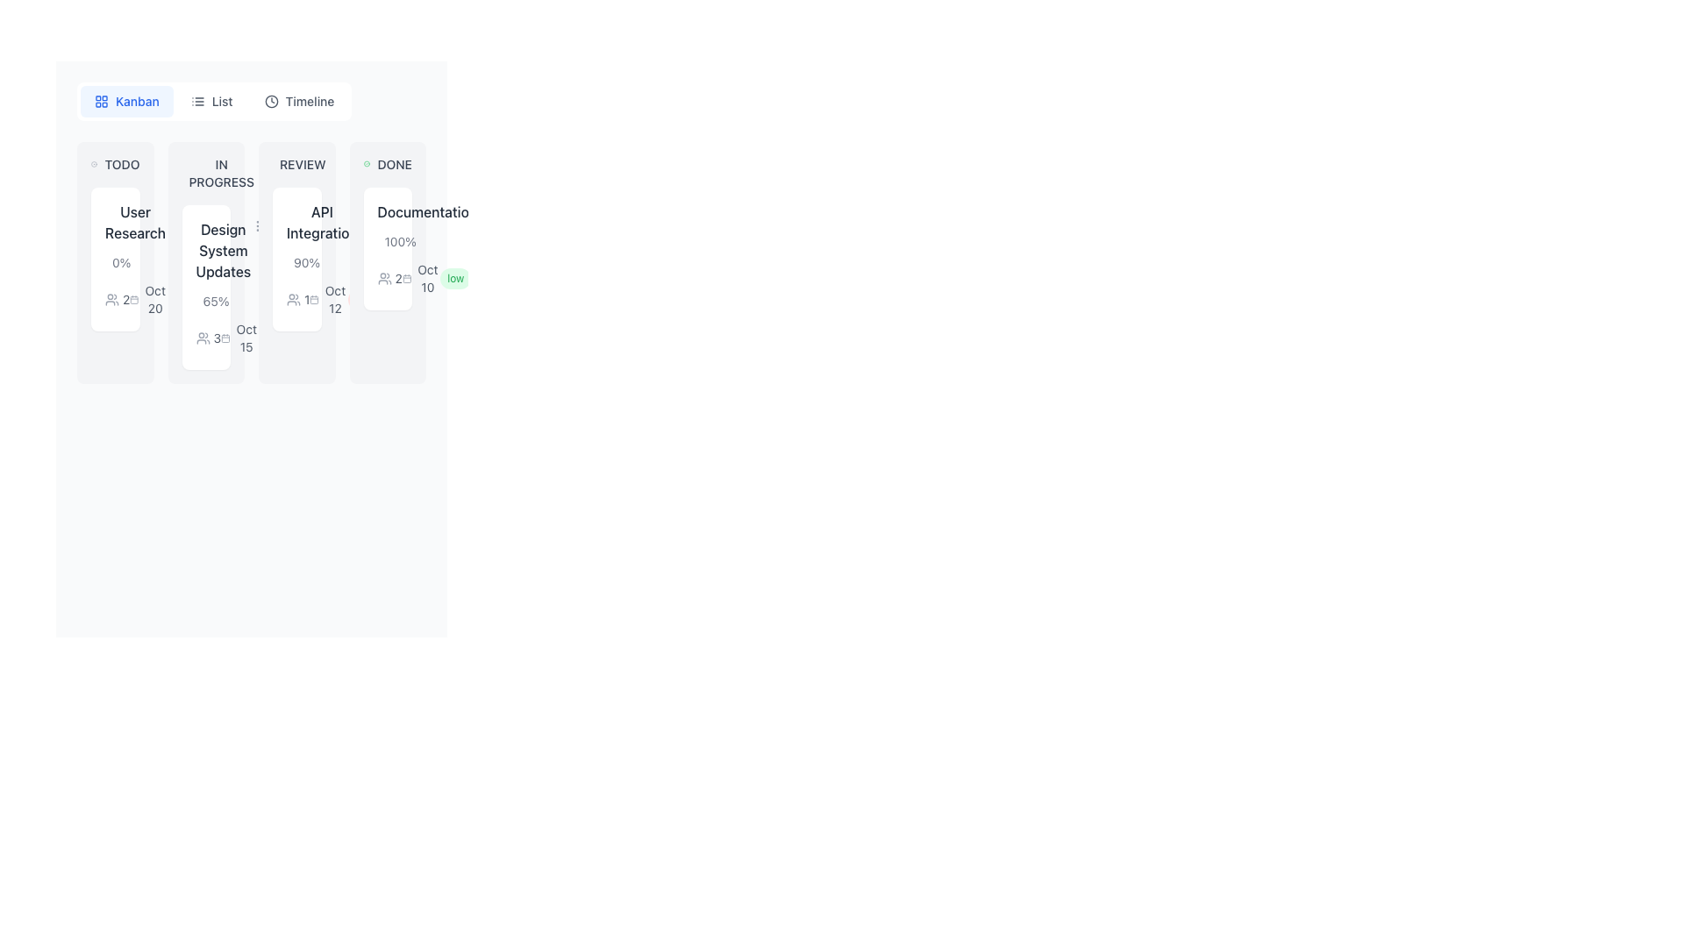 The height and width of the screenshot is (947, 1684). I want to click on the textual and icon group component indicating the number of participants or users in the 'IN PROGRESS' column of the Kanban board, located beneath the percentage progress indicator and to the left of the 'Oct 15' date indicator, so click(208, 338).